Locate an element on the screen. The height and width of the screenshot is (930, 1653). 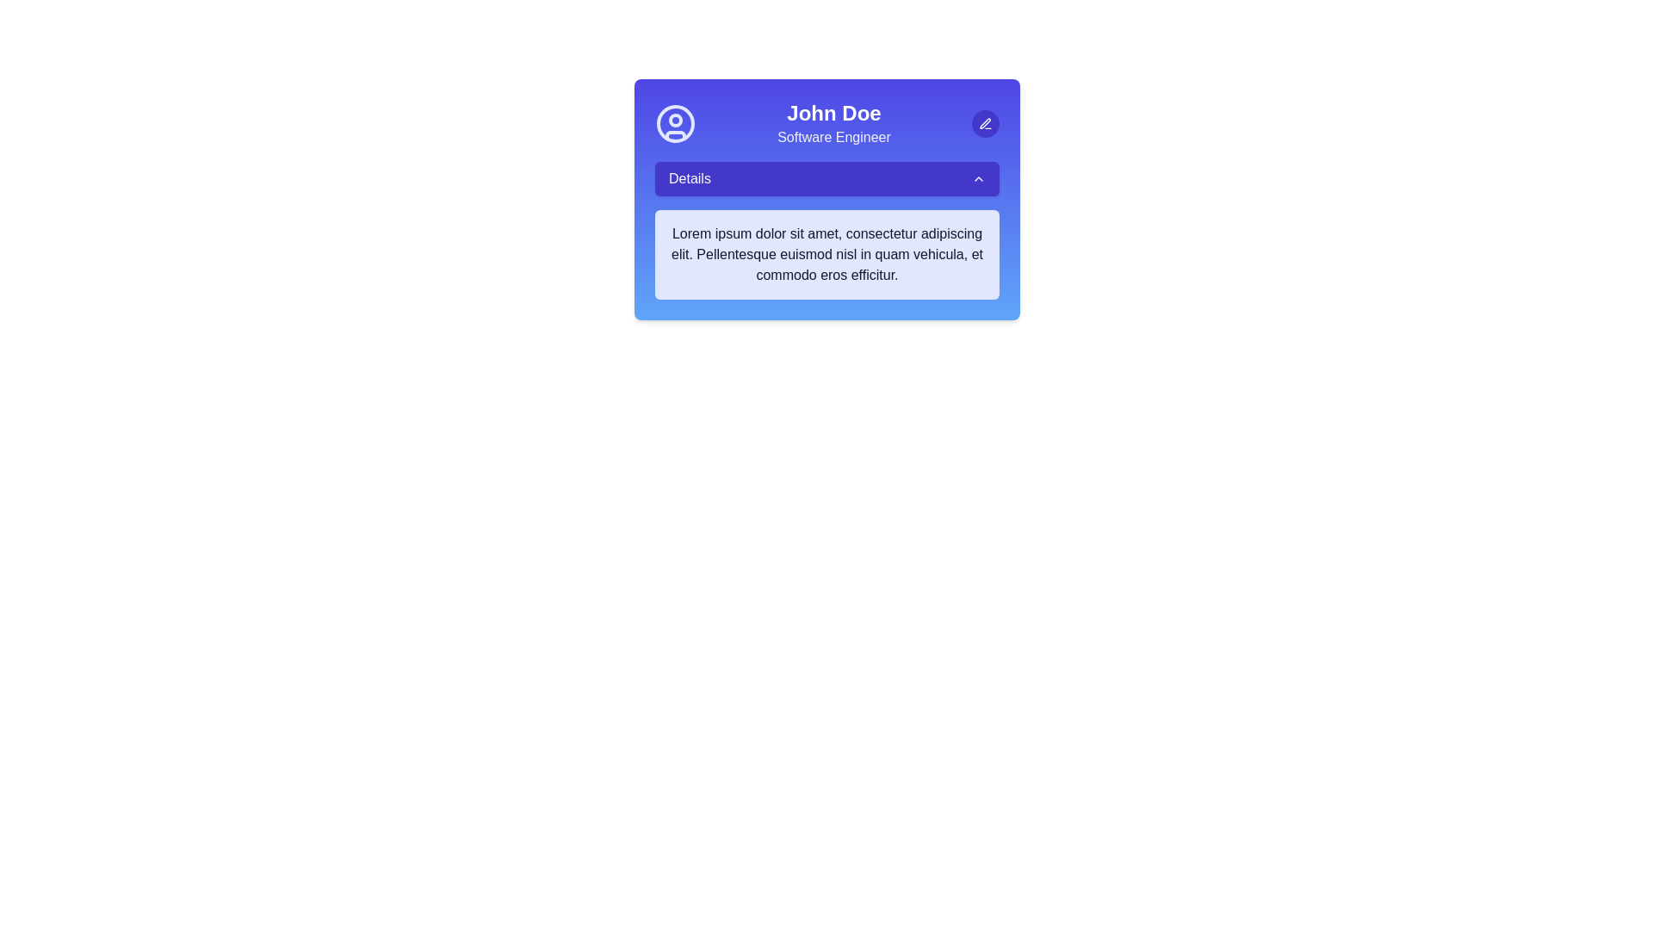
the text label that displays the user's name and job title, positioned to the right of the user icon and to the left of the edit button is located at coordinates (834, 122).